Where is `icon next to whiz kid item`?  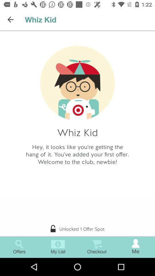
icon next to whiz kid item is located at coordinates (10, 20).